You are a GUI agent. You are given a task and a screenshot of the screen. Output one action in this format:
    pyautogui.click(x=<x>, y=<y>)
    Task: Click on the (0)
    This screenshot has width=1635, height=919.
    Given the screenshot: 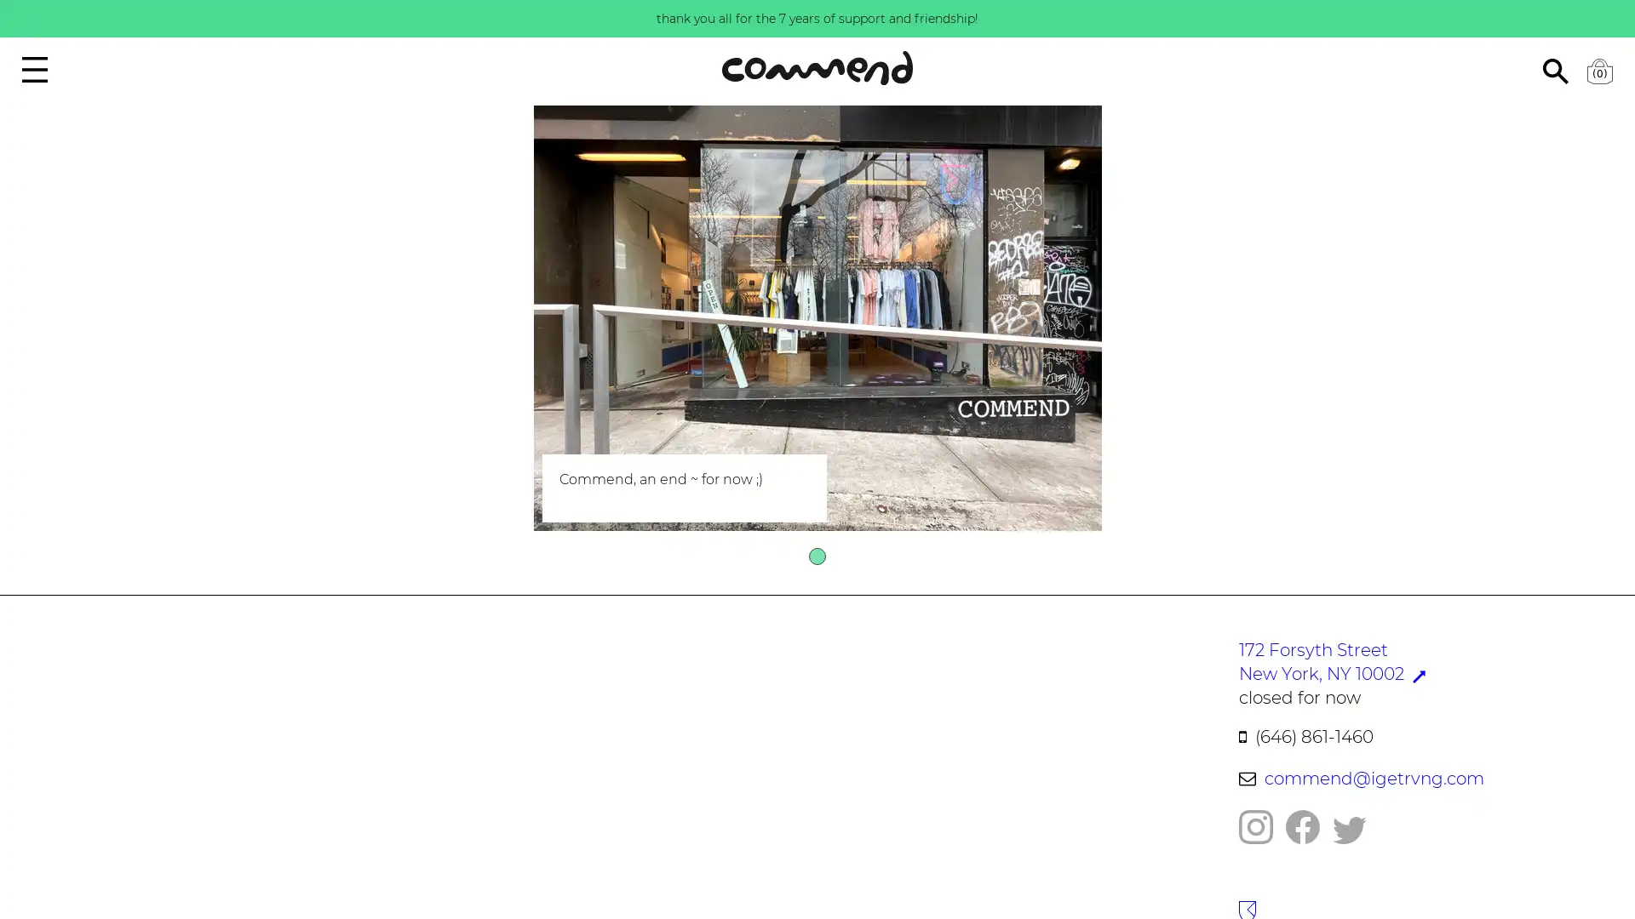 What is the action you would take?
    pyautogui.click(x=1598, y=71)
    